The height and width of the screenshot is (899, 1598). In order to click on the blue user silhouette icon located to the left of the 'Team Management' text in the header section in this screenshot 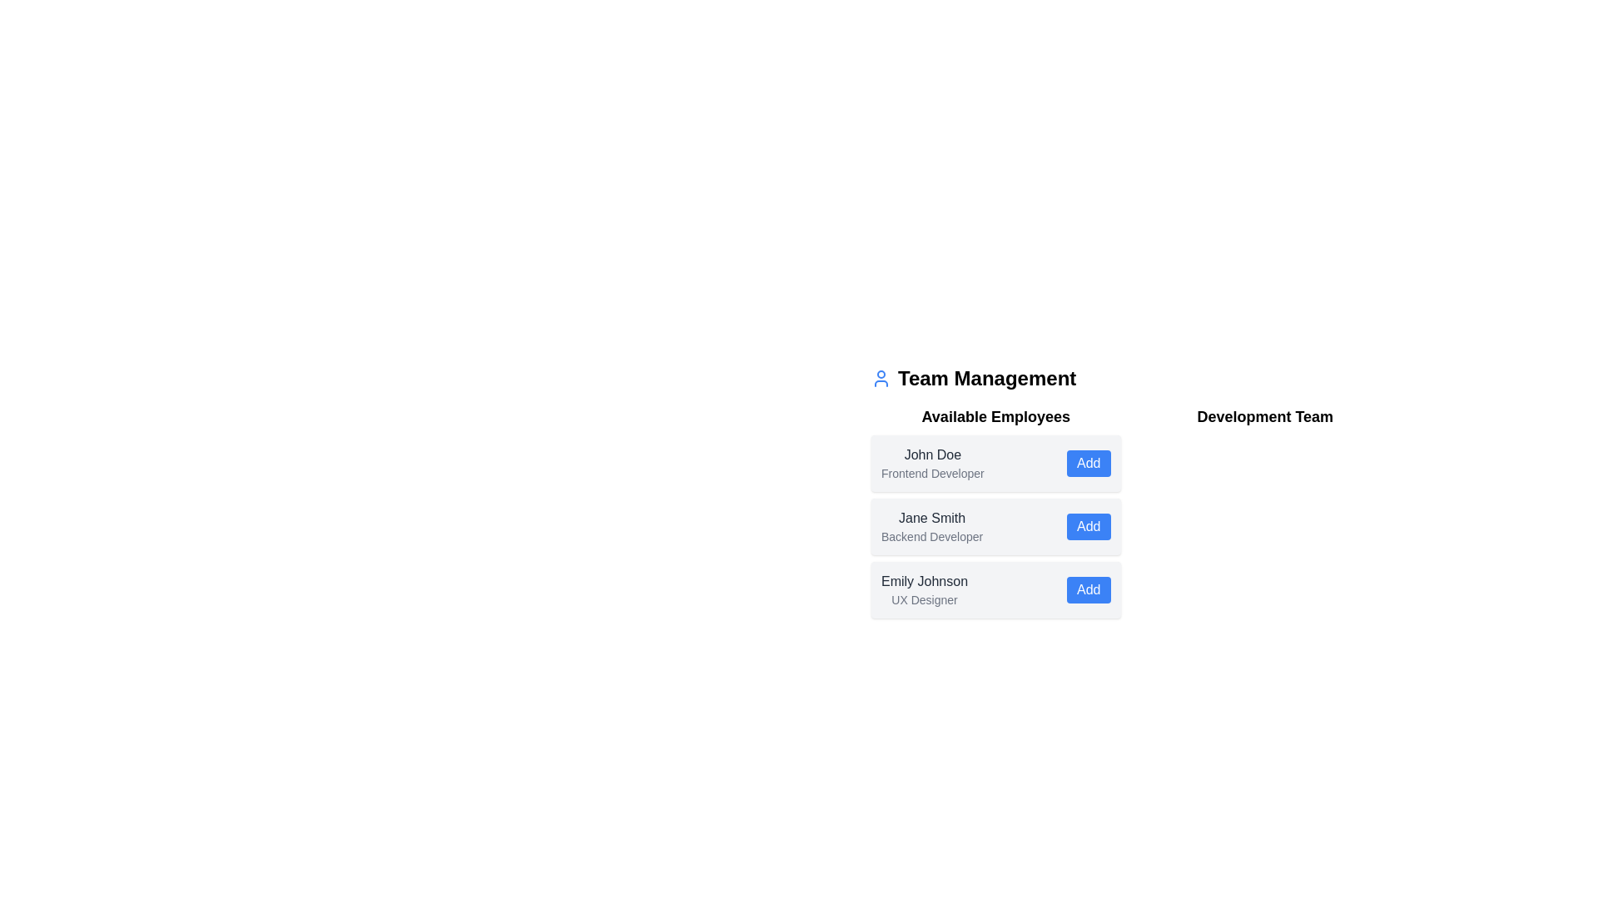, I will do `click(881, 379)`.